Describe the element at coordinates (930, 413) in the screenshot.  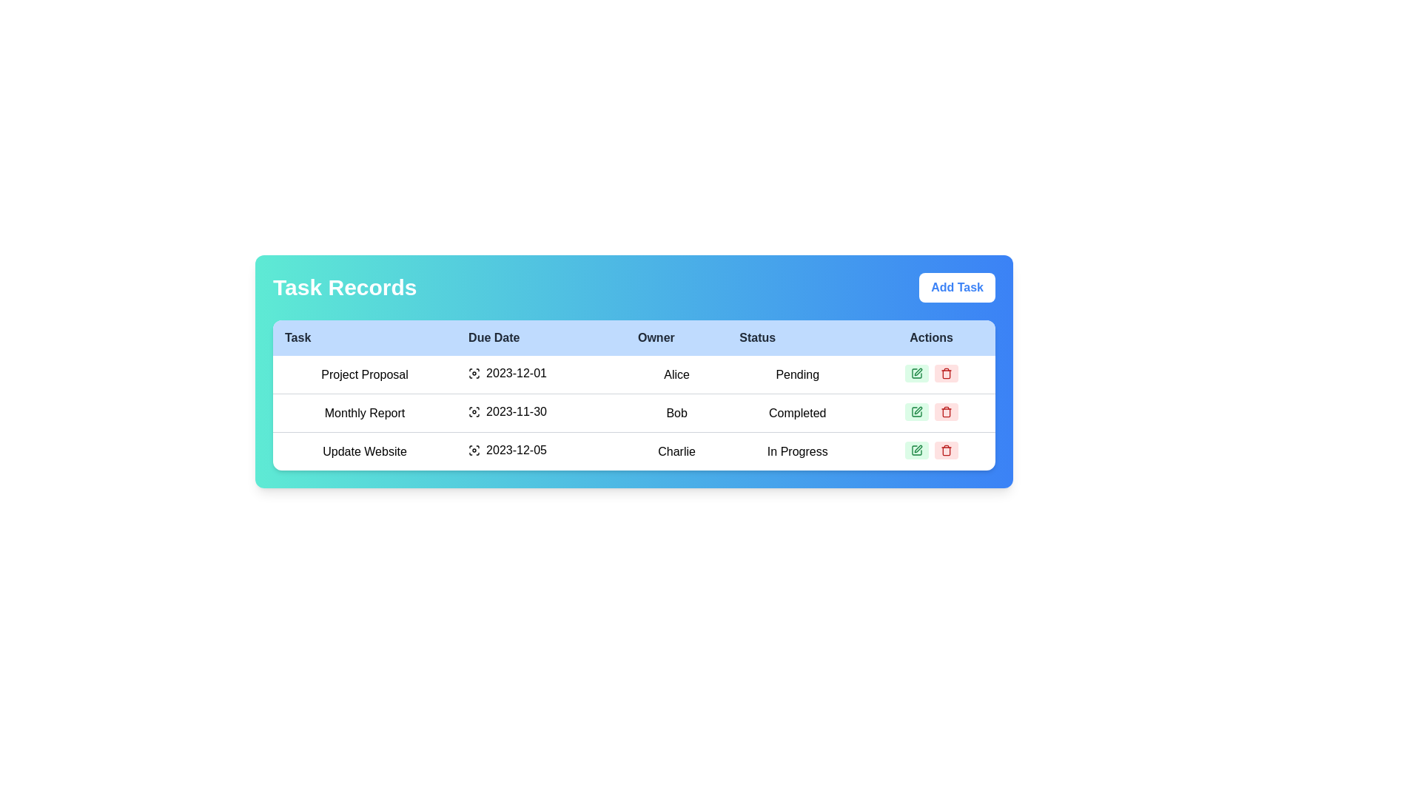
I see `the 'Delete' button in the Button group for the 'Monthly Report' task entry owned by 'Bob' with a status of 'Completed'` at that location.